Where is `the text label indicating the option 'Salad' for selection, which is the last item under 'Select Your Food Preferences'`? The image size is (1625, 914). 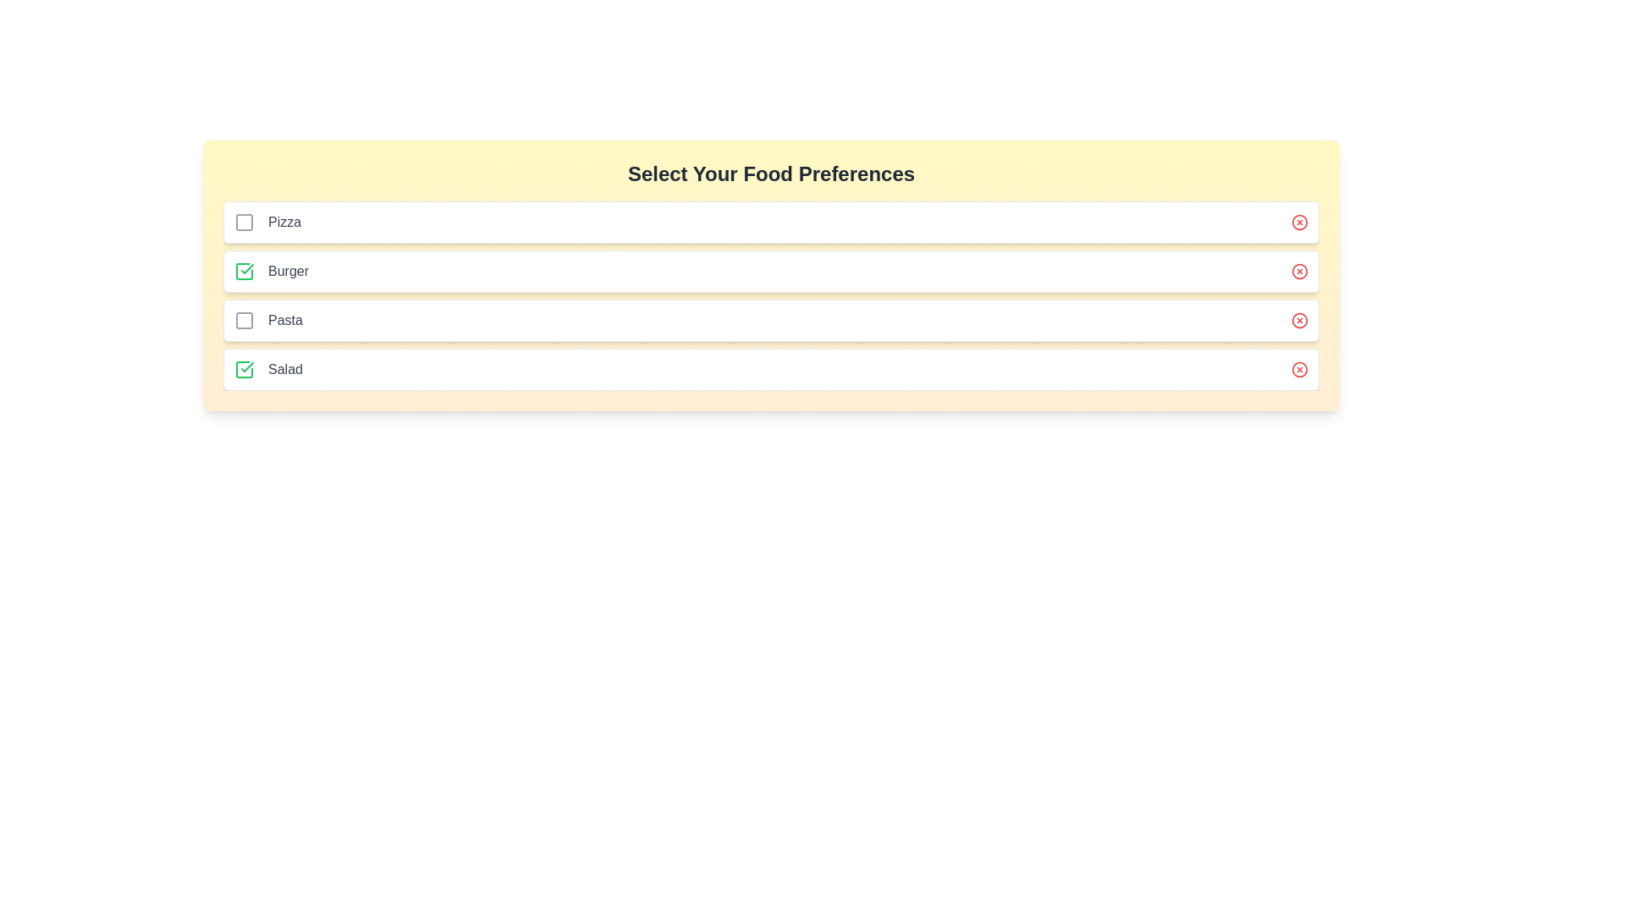 the text label indicating the option 'Salad' for selection, which is the last item under 'Select Your Food Preferences' is located at coordinates (285, 368).